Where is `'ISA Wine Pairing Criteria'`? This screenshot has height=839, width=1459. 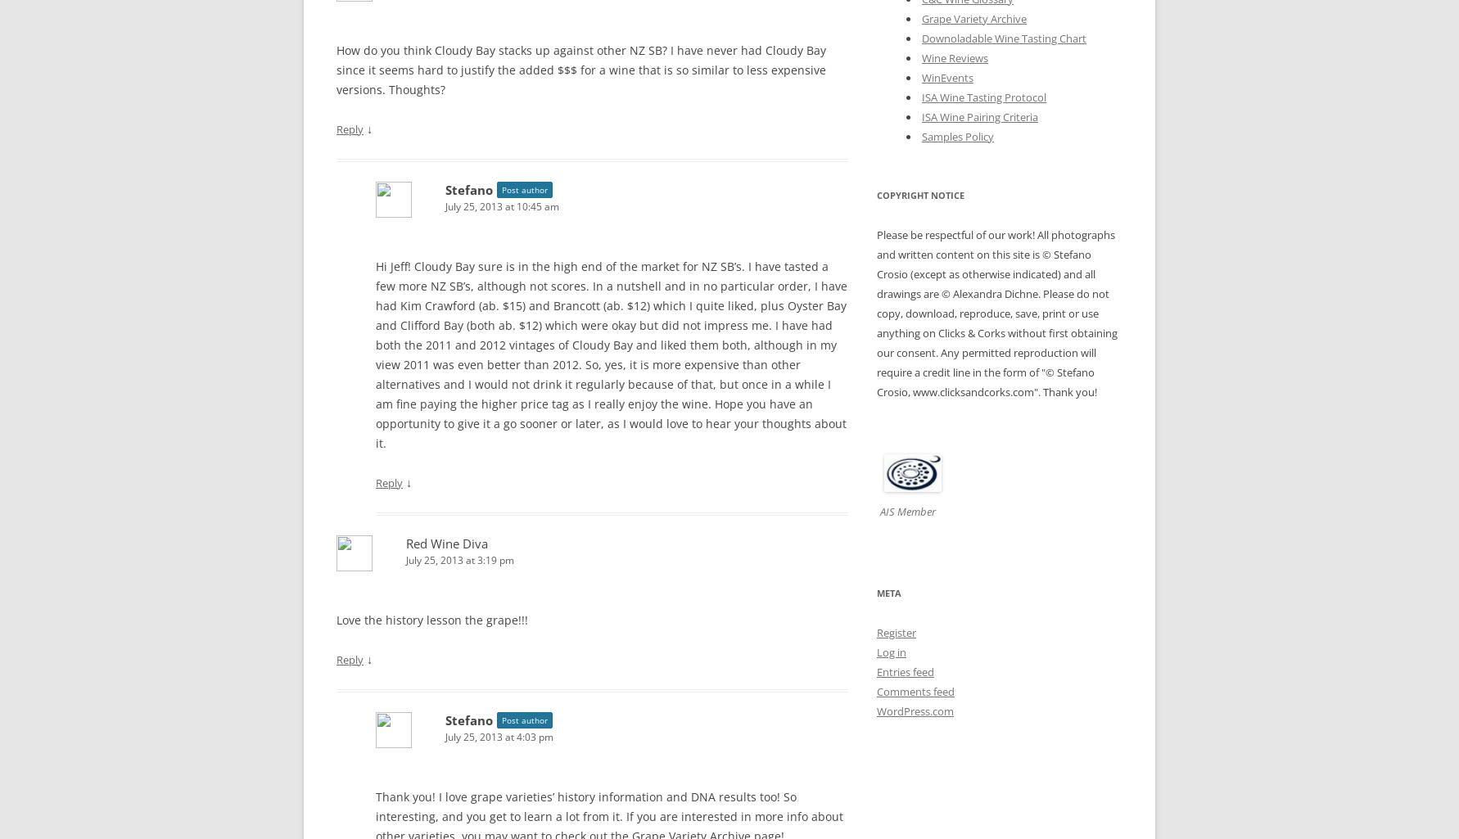
'ISA Wine Pairing Criteria' is located at coordinates (978, 115).